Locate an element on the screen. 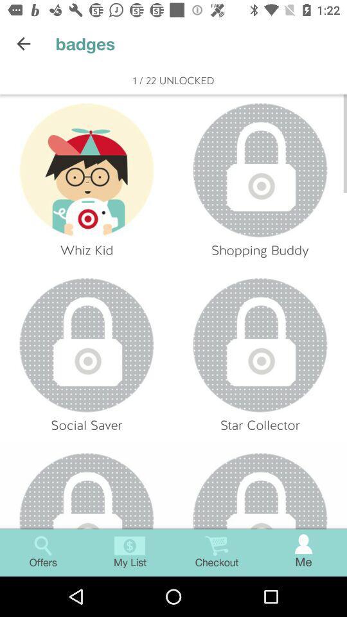 The image size is (347, 617). the item to the left of badges item is located at coordinates (23, 44).